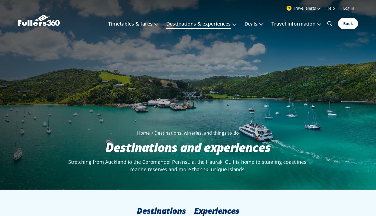  Describe the element at coordinates (197, 133) in the screenshot. I see `'Destinations, wineries, and things to do'` at that location.